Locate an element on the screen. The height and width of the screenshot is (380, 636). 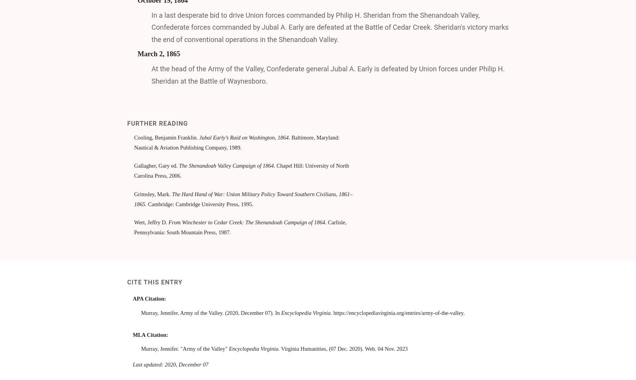
'The Hard Hand of War: Union Military Policy Toward Southern Civilians, 1861–1865' is located at coordinates (242, 198).